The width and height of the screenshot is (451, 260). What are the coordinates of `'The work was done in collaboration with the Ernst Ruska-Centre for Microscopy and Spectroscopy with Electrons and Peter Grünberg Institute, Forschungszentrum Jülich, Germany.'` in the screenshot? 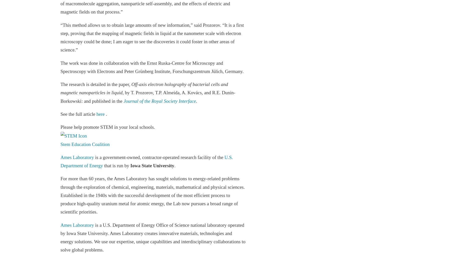 It's located at (152, 67).